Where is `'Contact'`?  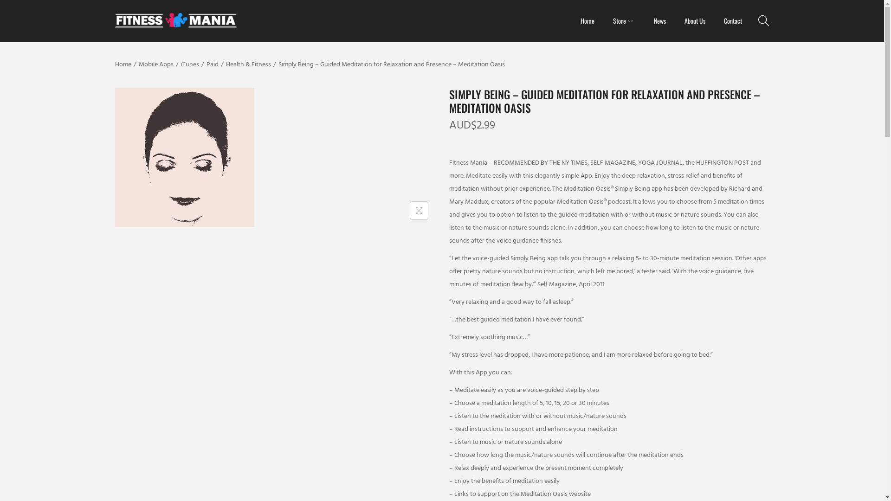
'Contact' is located at coordinates (732, 21).